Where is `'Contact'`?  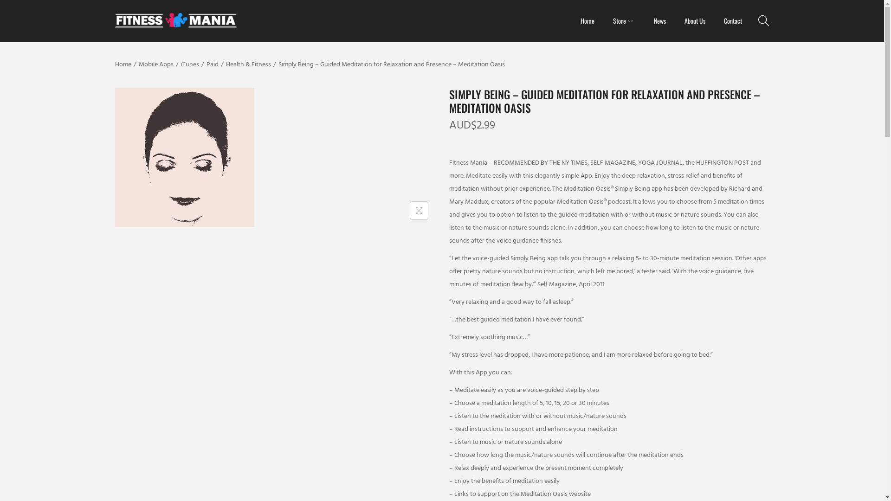
'Contact' is located at coordinates (732, 21).